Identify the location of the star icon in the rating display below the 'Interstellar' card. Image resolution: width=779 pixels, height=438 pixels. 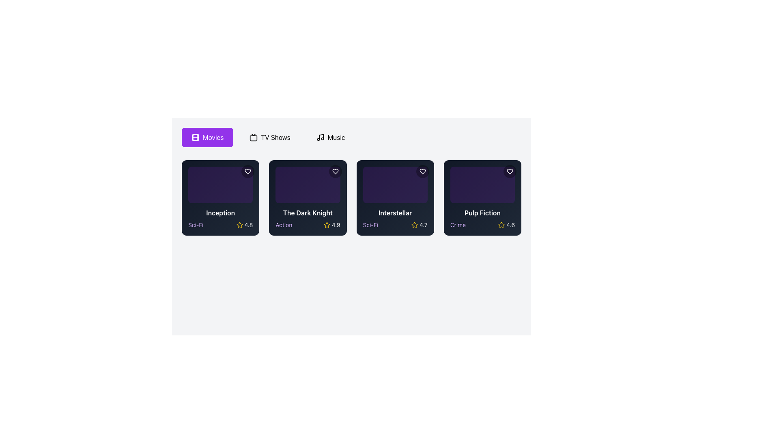
(415, 225).